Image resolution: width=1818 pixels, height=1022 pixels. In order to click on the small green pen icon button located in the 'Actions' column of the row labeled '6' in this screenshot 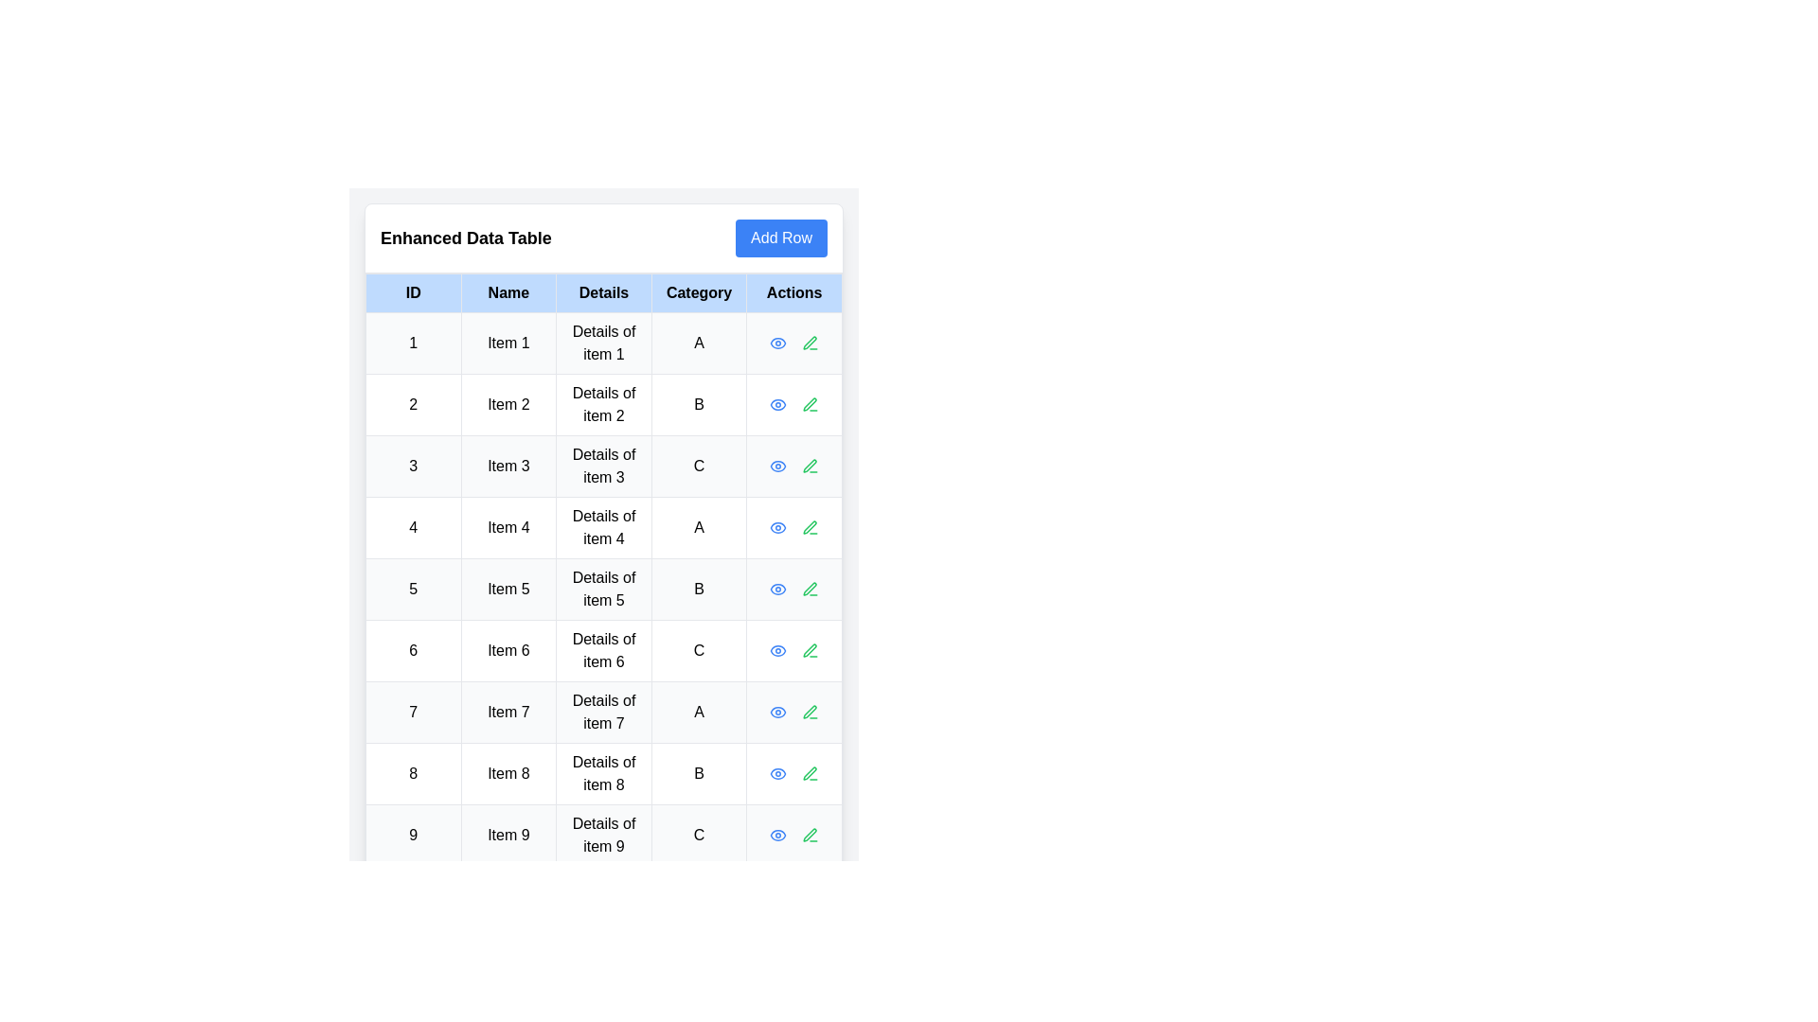, I will do `click(811, 649)`.